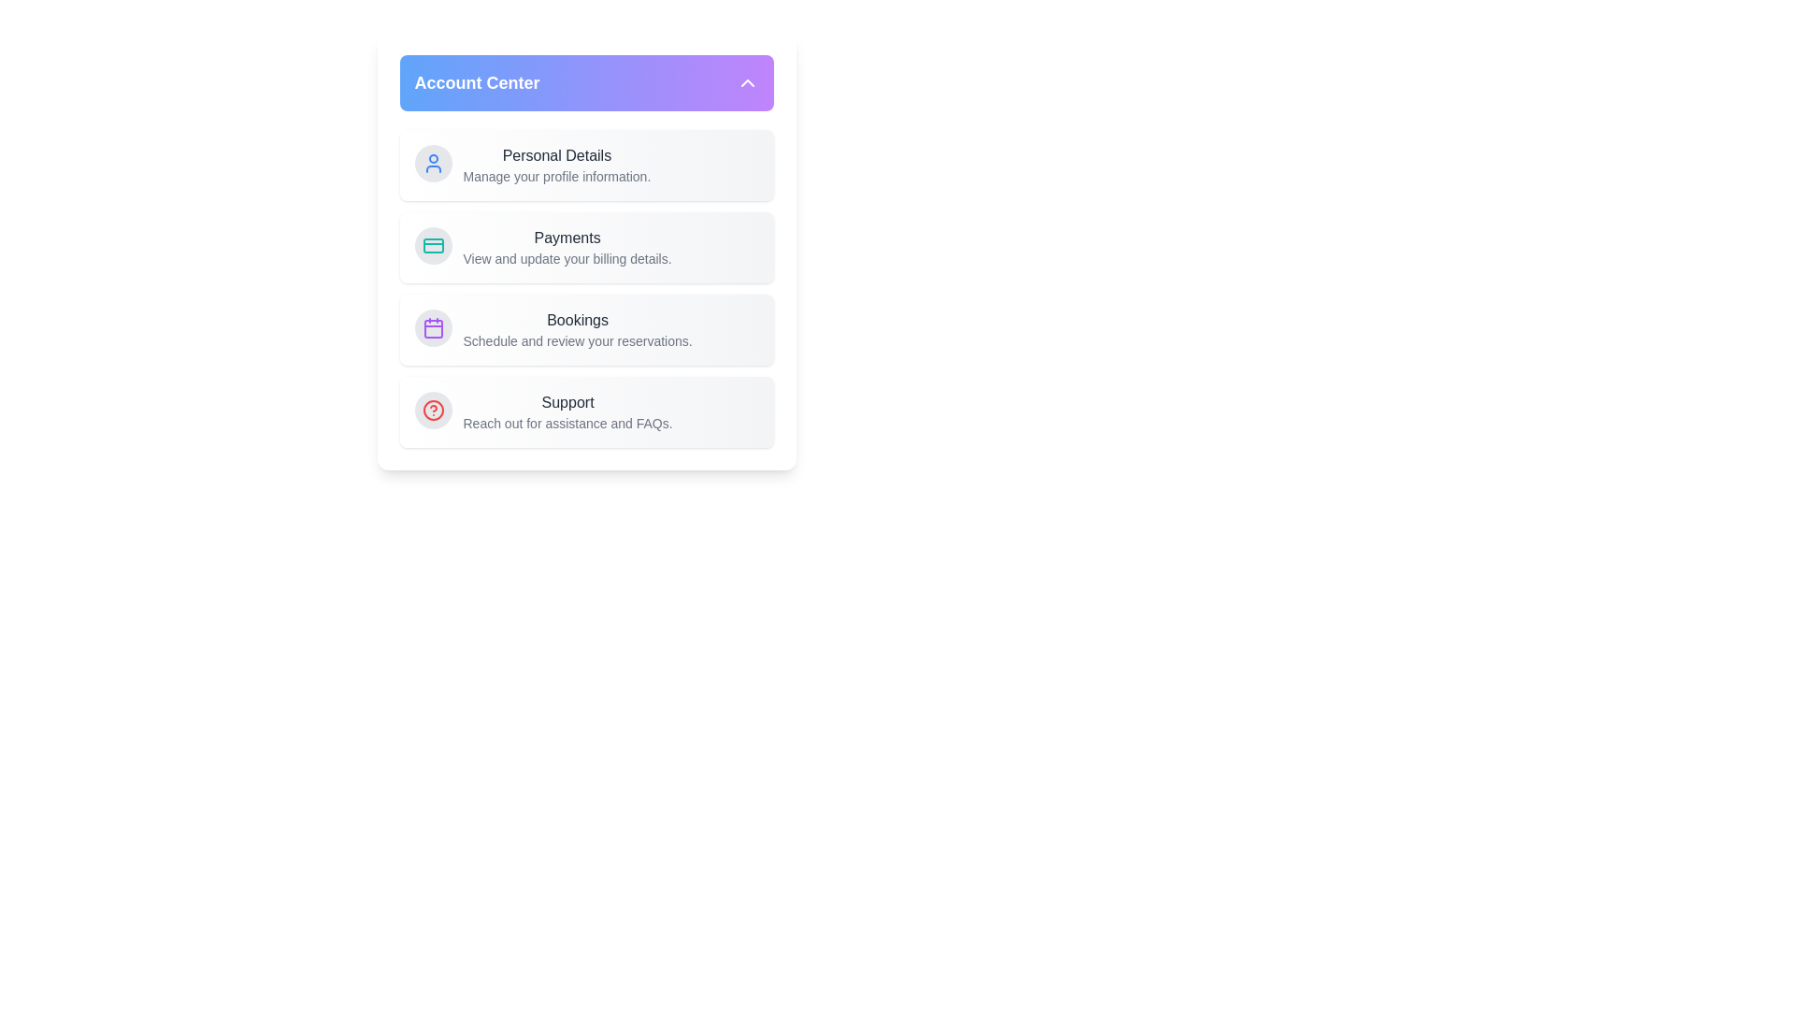 The height and width of the screenshot is (1010, 1795). Describe the element at coordinates (585, 329) in the screenshot. I see `the 'Bookings' menu item` at that location.